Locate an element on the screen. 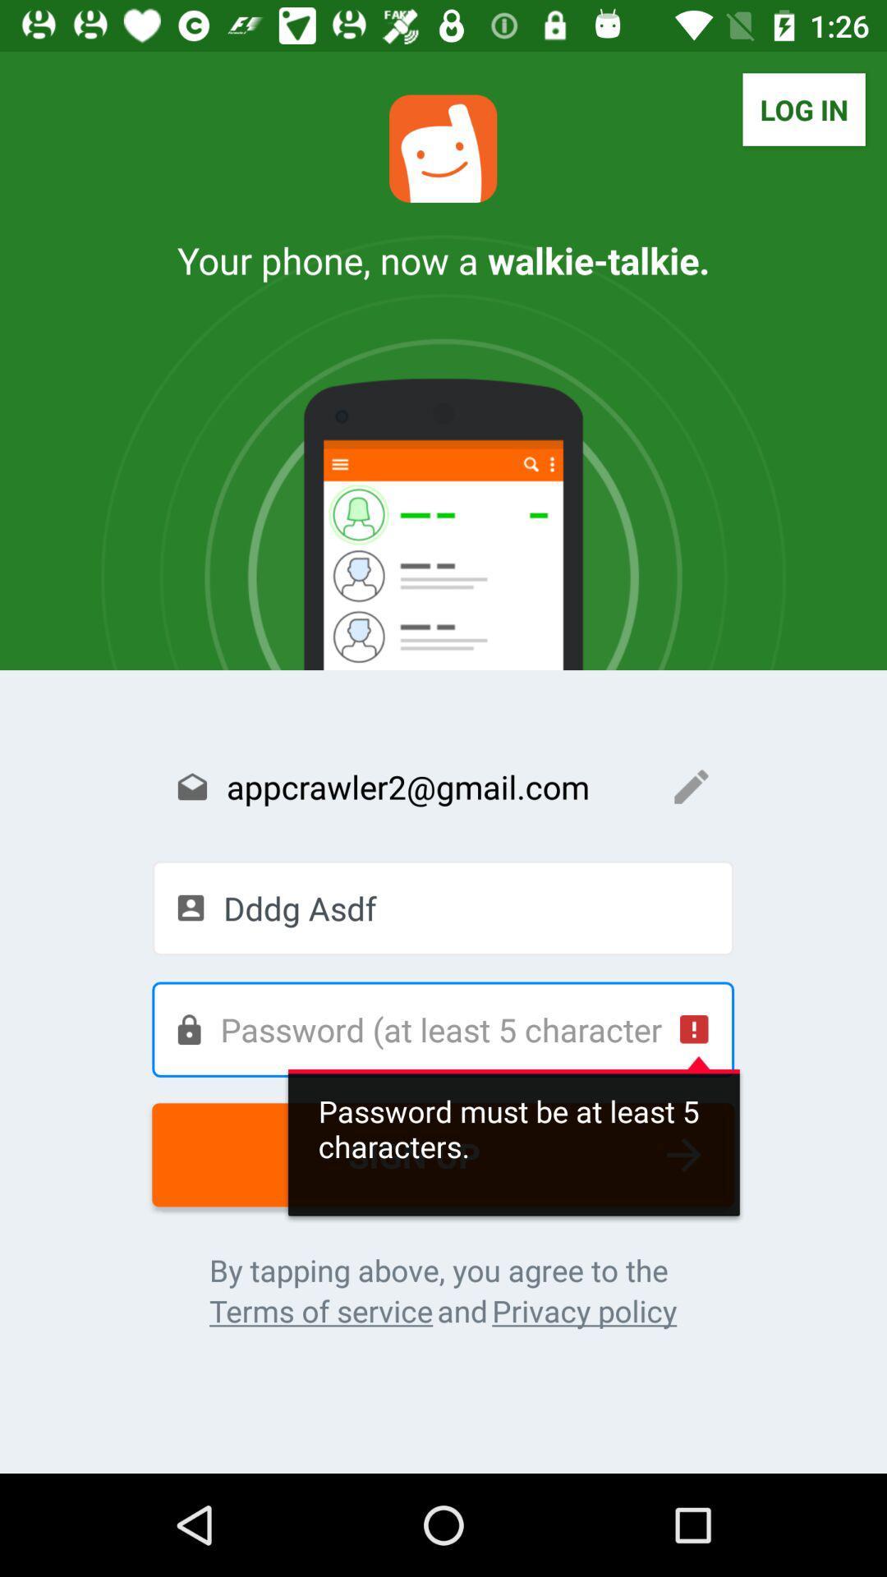 This screenshot has height=1577, width=887. the terms of service is located at coordinates (321, 1310).